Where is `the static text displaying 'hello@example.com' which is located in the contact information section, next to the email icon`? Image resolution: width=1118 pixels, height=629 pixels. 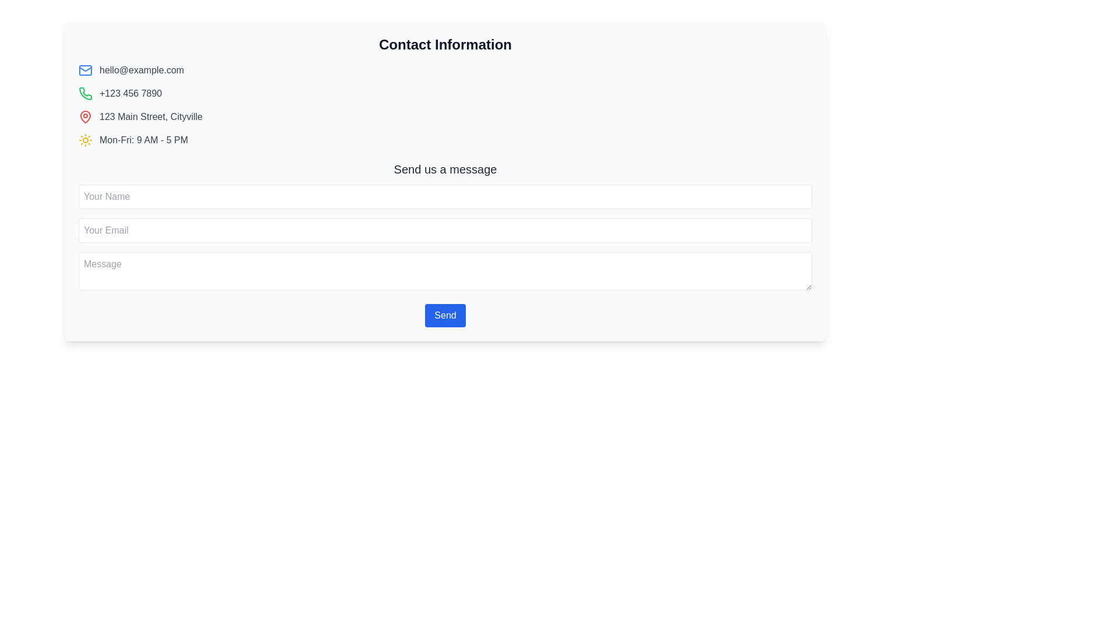
the static text displaying 'hello@example.com' which is located in the contact information section, next to the email icon is located at coordinates (141, 70).